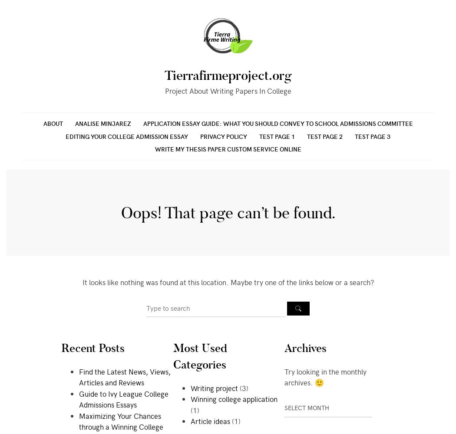 The width and height of the screenshot is (456, 434). I want to click on 'Write My Thesis Paper Custom Service Online', so click(227, 148).